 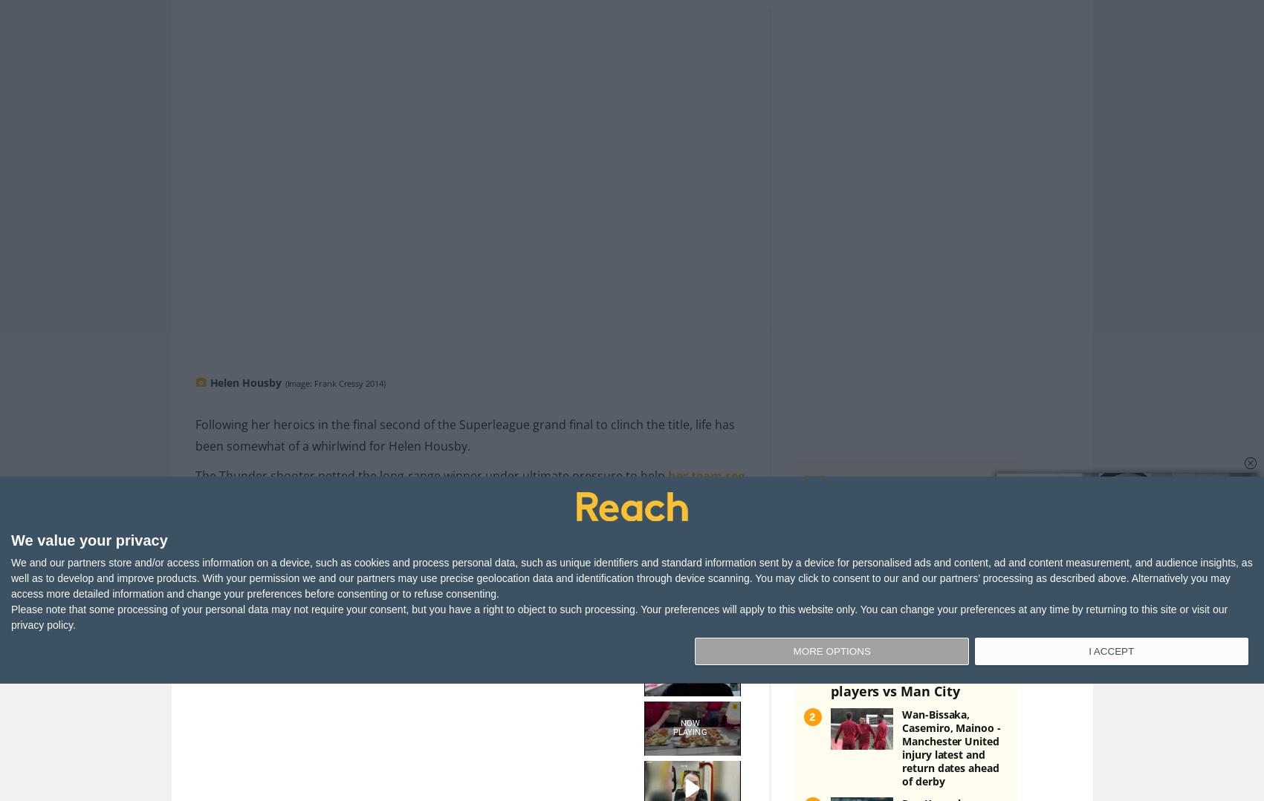 What do you see at coordinates (573, 581) in the screenshot?
I see `'Story Saved'` at bounding box center [573, 581].